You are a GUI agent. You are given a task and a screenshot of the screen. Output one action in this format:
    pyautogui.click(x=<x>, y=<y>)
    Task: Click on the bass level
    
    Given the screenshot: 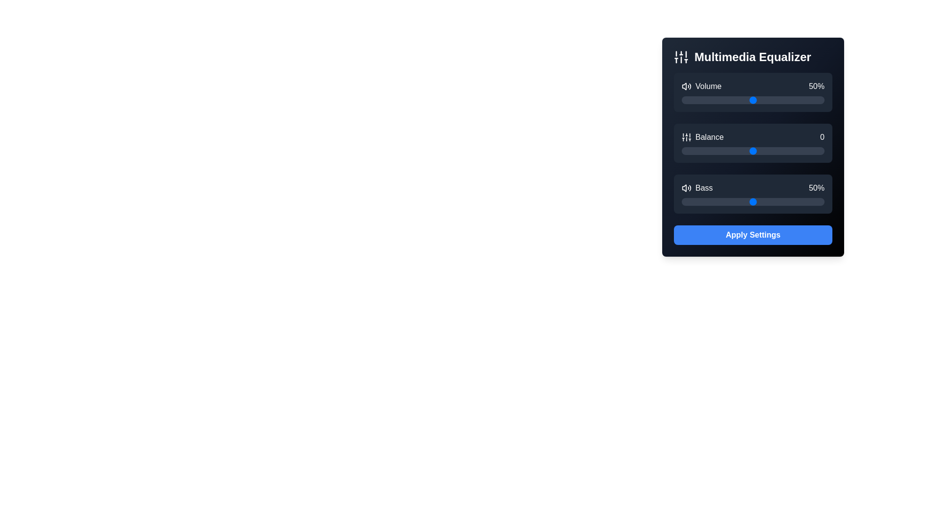 What is the action you would take?
    pyautogui.click(x=793, y=201)
    